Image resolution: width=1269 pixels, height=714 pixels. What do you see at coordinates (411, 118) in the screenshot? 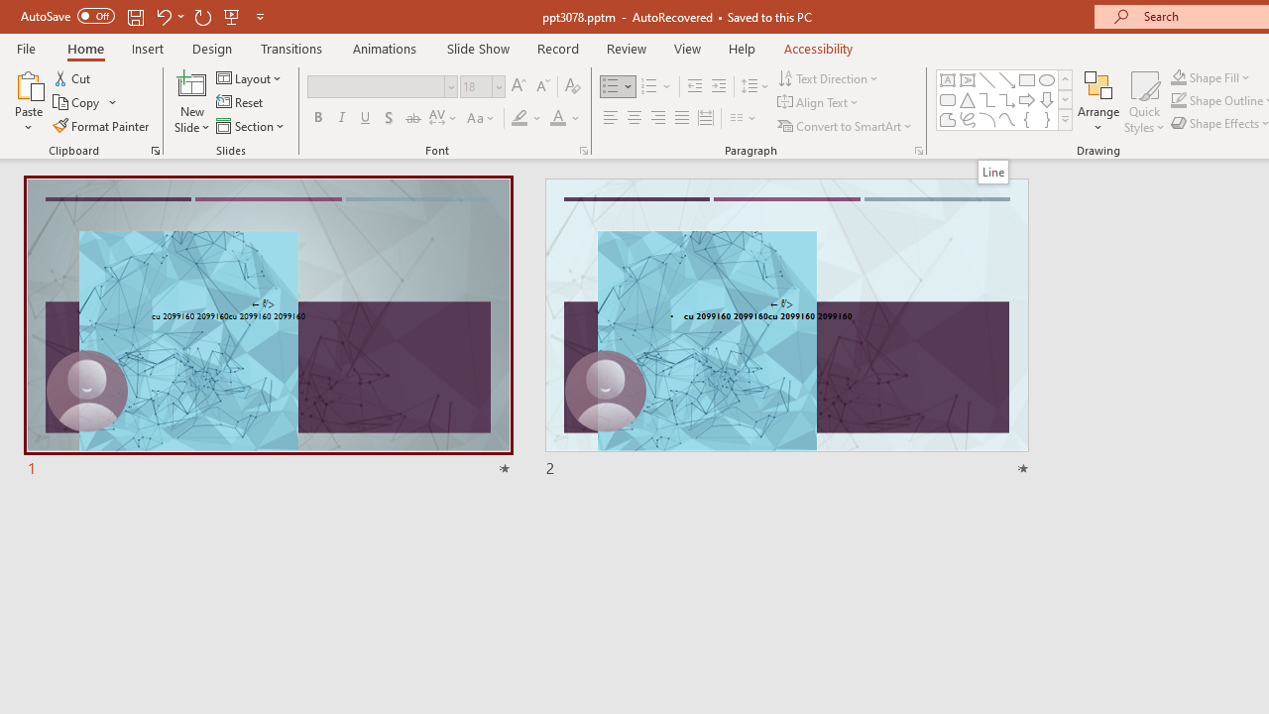
I see `'Strikethrough'` at bounding box center [411, 118].